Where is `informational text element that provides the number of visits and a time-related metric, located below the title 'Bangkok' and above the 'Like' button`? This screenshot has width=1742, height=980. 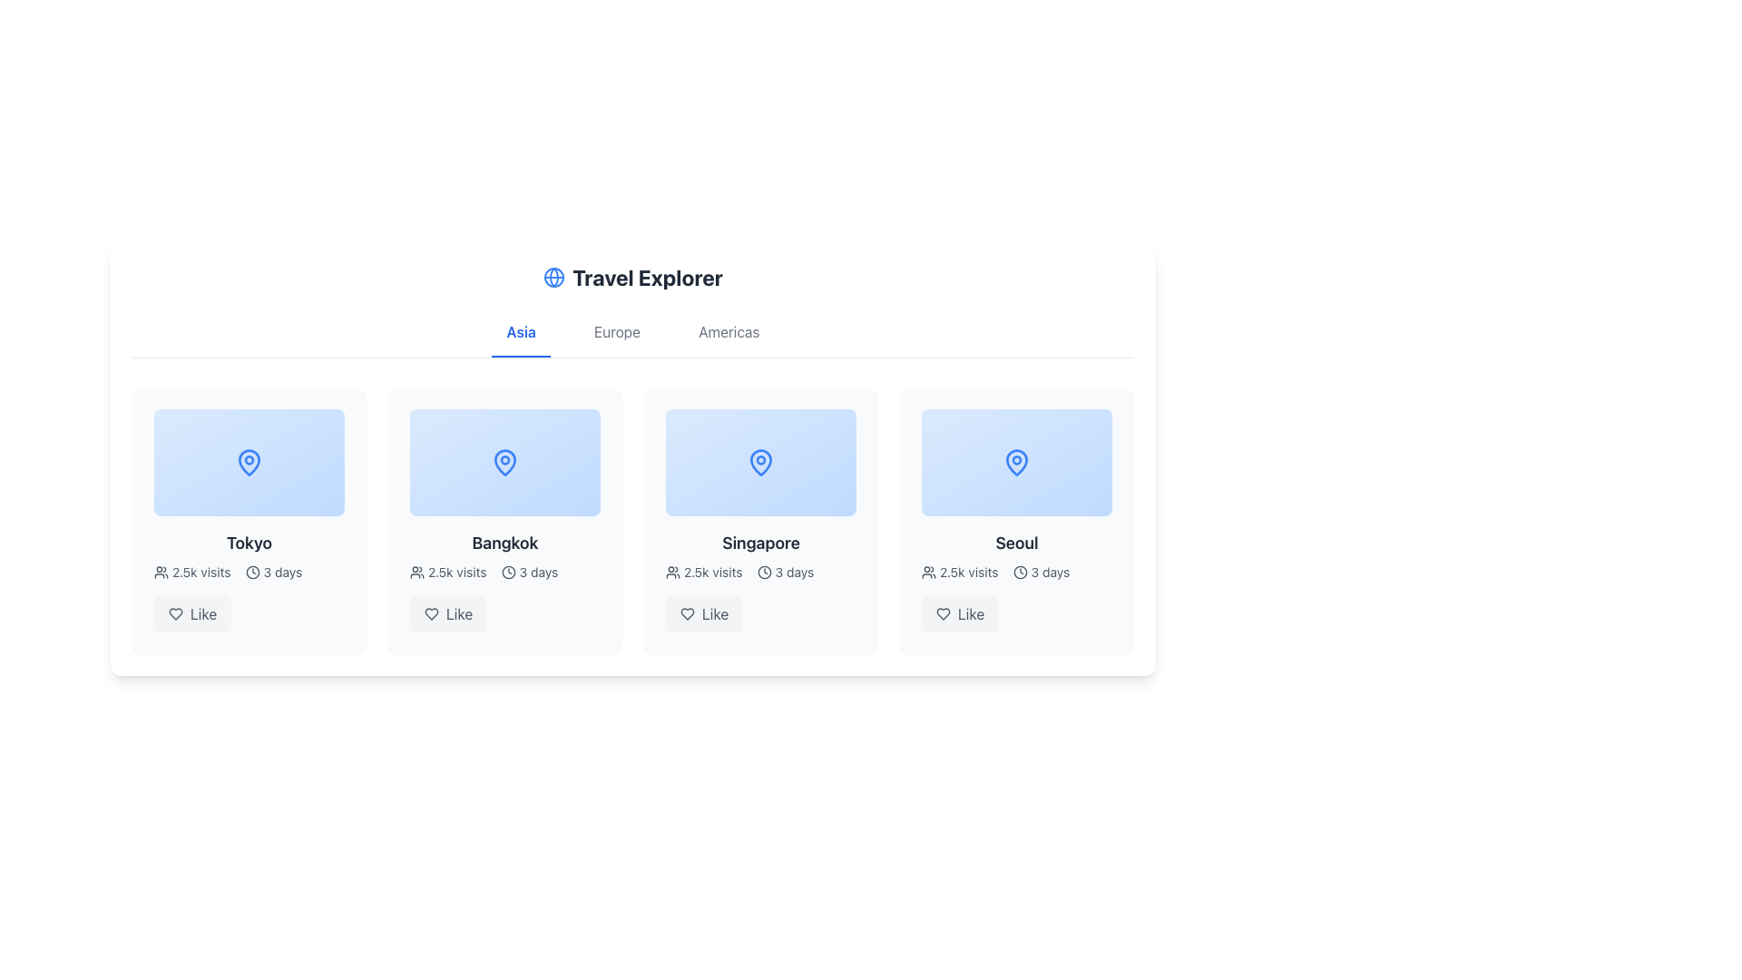 informational text element that provides the number of visits and a time-related metric, located below the title 'Bangkok' and above the 'Like' button is located at coordinates (504, 573).